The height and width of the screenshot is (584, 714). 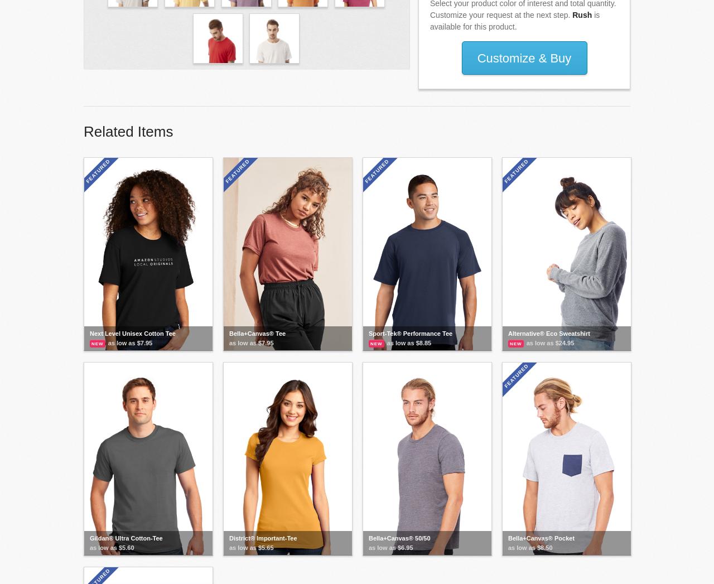 I want to click on 'Bella+Canvas® 50/50', so click(x=399, y=538).